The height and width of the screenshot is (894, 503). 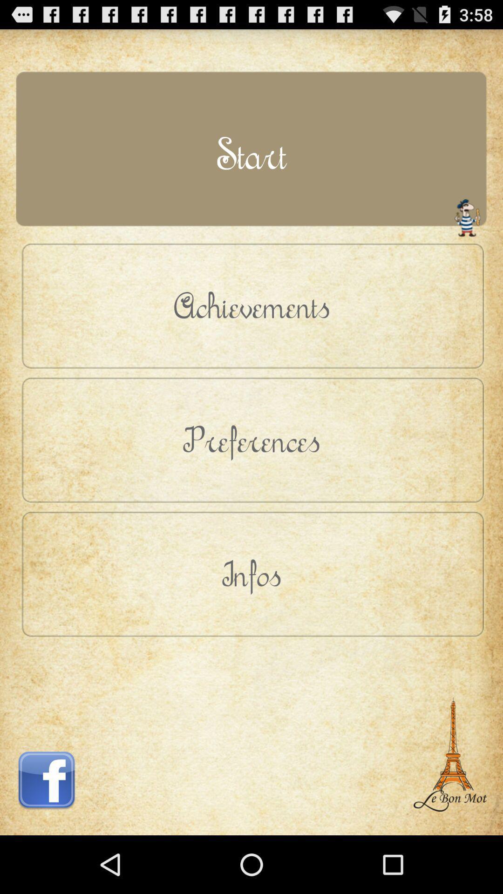 What do you see at coordinates (251, 305) in the screenshot?
I see `achievements button` at bounding box center [251, 305].